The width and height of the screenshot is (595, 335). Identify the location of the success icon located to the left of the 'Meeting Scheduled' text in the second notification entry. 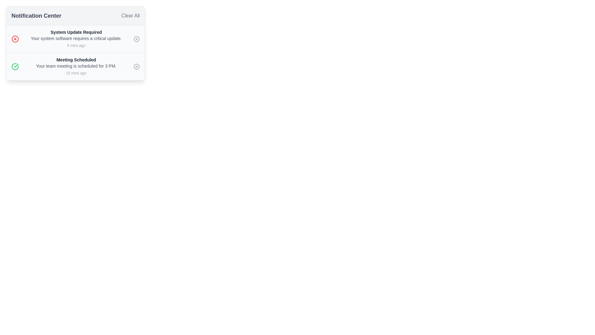
(15, 67).